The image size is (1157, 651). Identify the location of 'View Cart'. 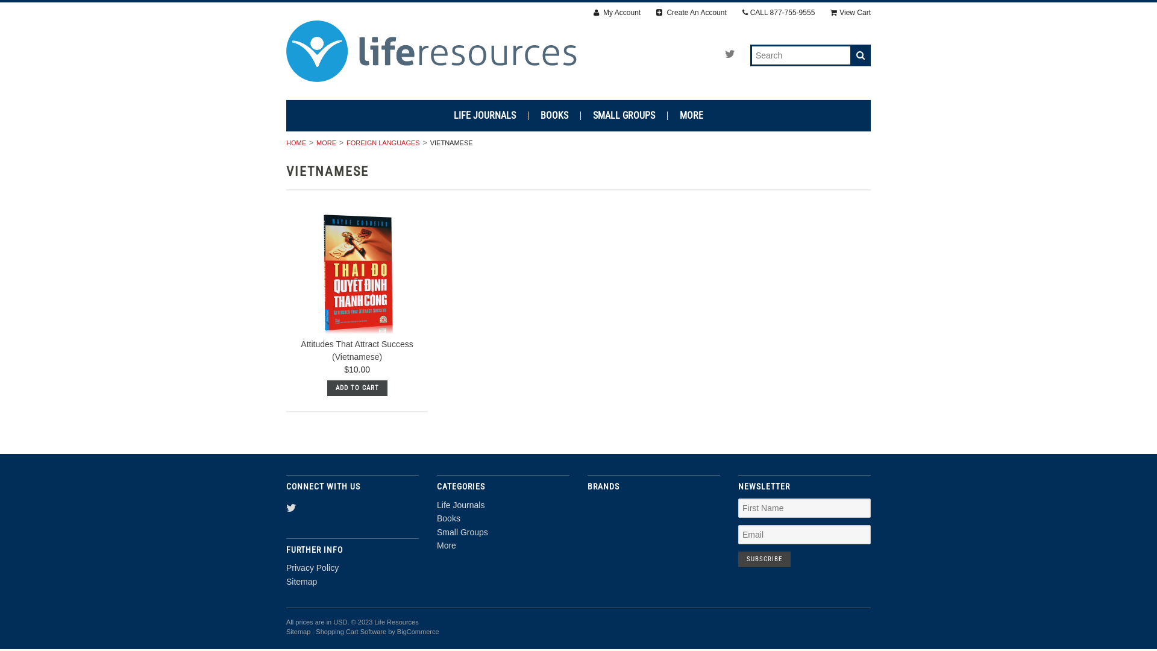
(850, 13).